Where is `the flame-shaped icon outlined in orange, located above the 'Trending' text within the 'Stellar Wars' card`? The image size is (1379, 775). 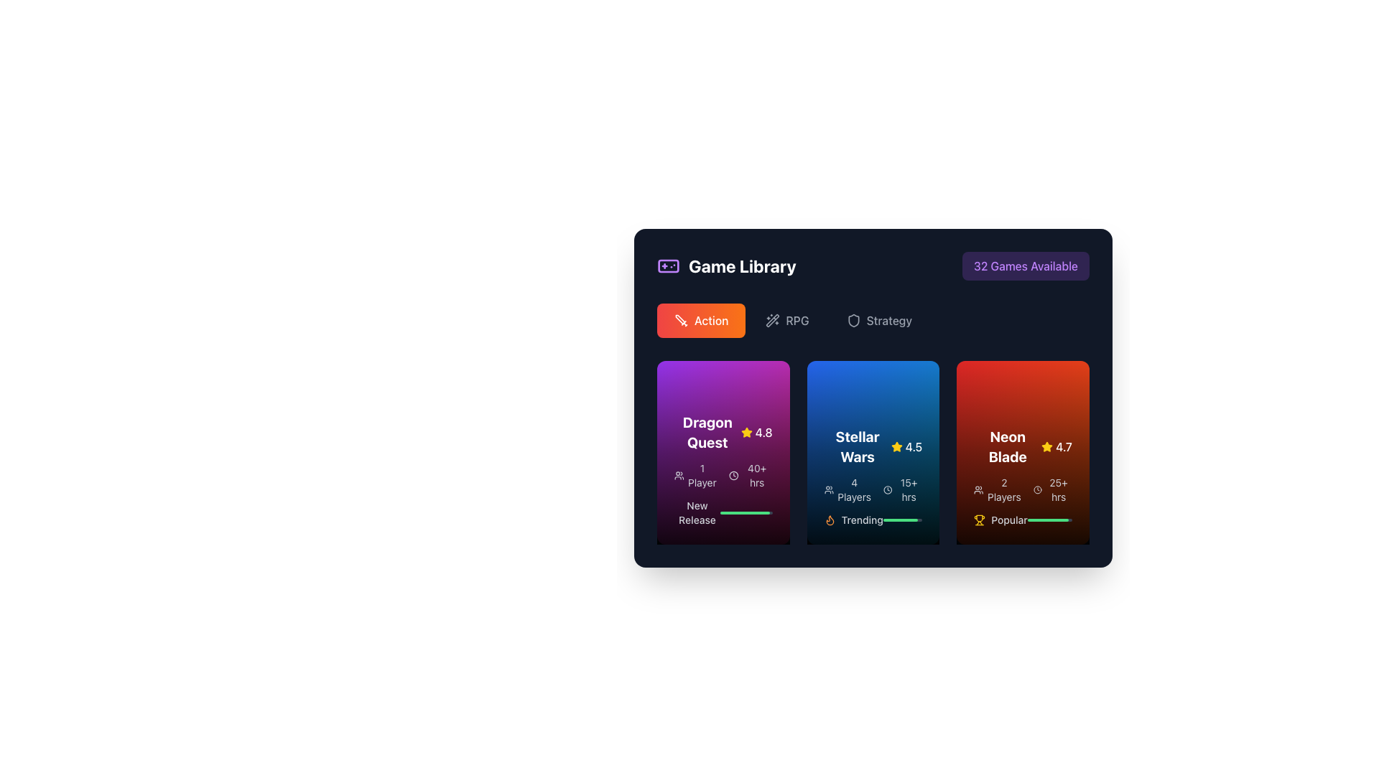 the flame-shaped icon outlined in orange, located above the 'Trending' text within the 'Stellar Wars' card is located at coordinates (830, 520).